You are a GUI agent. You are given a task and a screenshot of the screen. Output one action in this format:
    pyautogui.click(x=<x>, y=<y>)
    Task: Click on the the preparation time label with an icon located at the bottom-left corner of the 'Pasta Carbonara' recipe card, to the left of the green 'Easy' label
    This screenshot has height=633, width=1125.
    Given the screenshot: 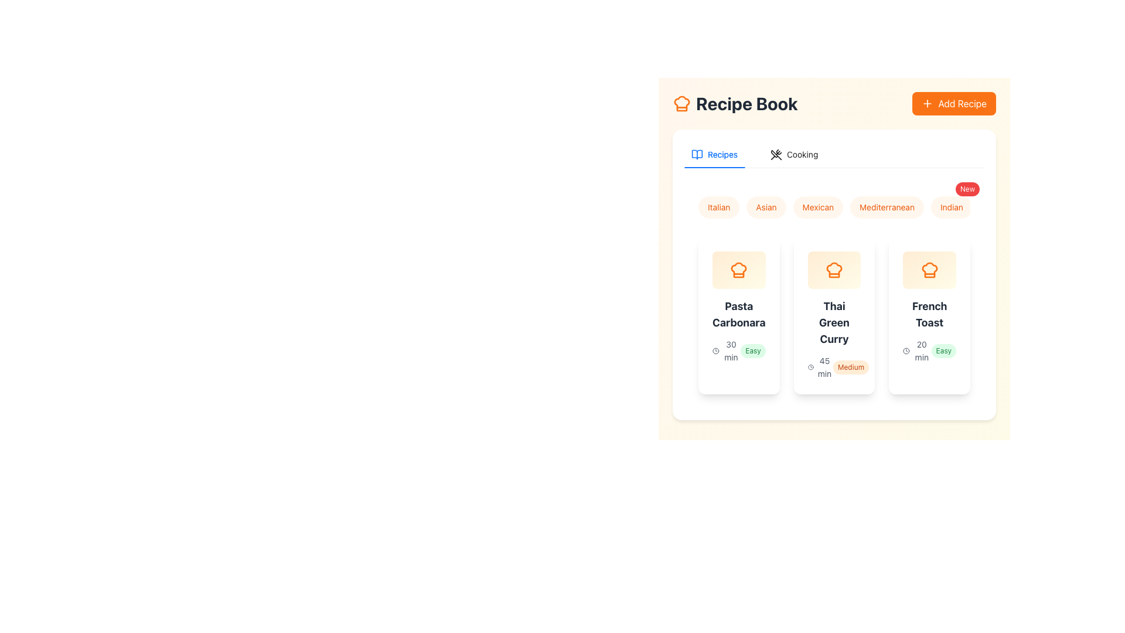 What is the action you would take?
    pyautogui.click(x=726, y=350)
    